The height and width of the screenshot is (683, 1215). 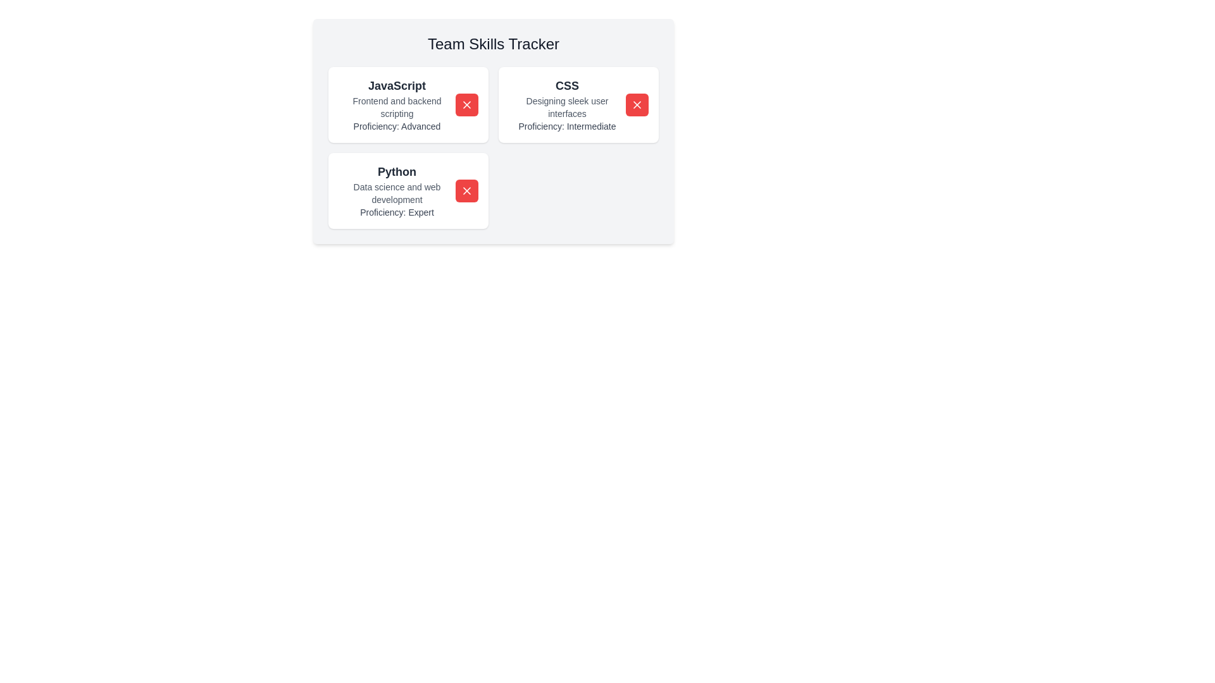 What do you see at coordinates (396, 104) in the screenshot?
I see `the element JavaScript Skill Card` at bounding box center [396, 104].